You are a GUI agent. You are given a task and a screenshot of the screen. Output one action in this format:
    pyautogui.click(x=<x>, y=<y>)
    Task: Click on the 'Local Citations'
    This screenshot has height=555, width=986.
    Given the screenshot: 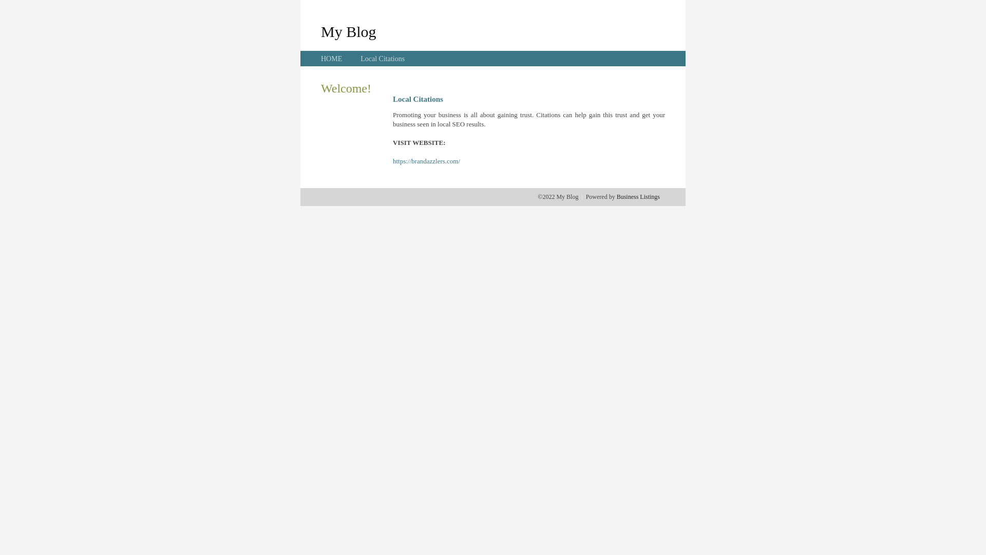 What is the action you would take?
    pyautogui.click(x=382, y=59)
    